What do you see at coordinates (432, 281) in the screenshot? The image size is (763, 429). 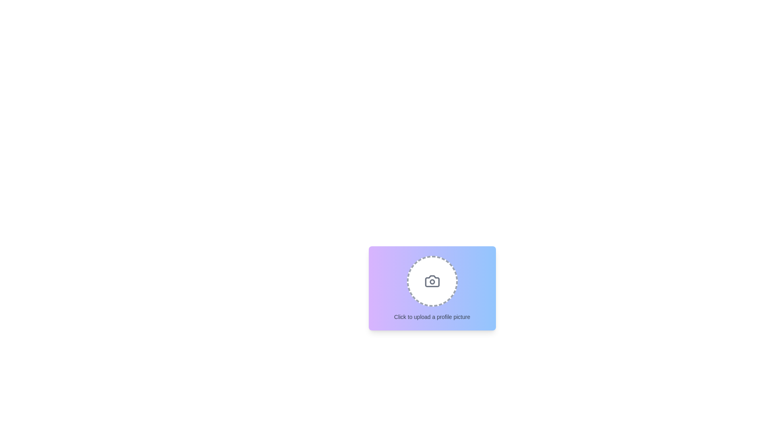 I see `the camera icon located centrally within the dashed circular area of the profile picture uploader interface` at bounding box center [432, 281].